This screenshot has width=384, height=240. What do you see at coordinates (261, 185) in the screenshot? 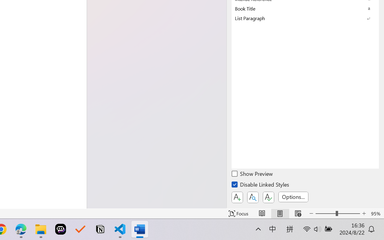
I see `'Disable Linked Styles'` at bounding box center [261, 185].